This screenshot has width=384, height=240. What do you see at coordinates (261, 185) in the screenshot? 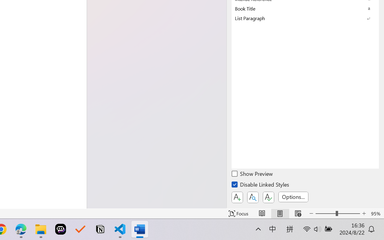
I see `'Disable Linked Styles'` at bounding box center [261, 185].